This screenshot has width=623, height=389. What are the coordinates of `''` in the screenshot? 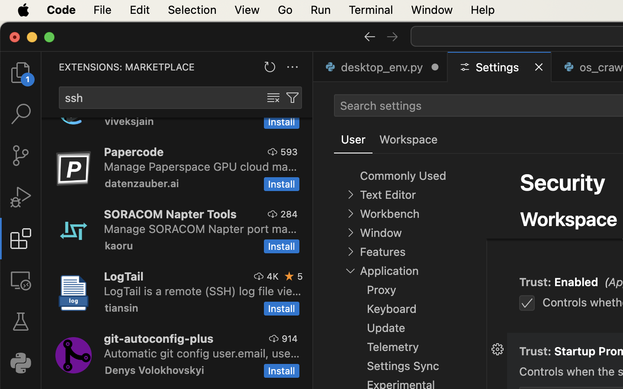 It's located at (392, 35).